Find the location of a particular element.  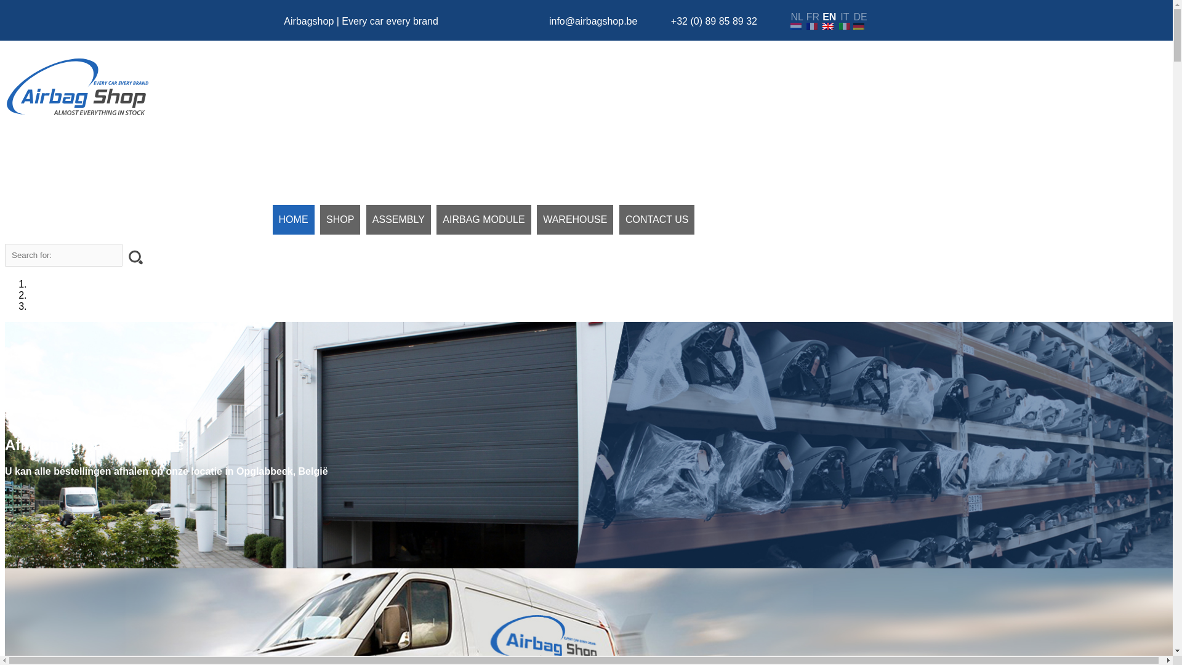

'HOME' is located at coordinates (292, 219).